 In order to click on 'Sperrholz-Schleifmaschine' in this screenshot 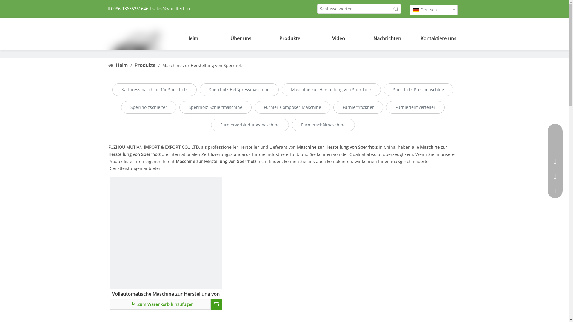, I will do `click(215, 107)`.